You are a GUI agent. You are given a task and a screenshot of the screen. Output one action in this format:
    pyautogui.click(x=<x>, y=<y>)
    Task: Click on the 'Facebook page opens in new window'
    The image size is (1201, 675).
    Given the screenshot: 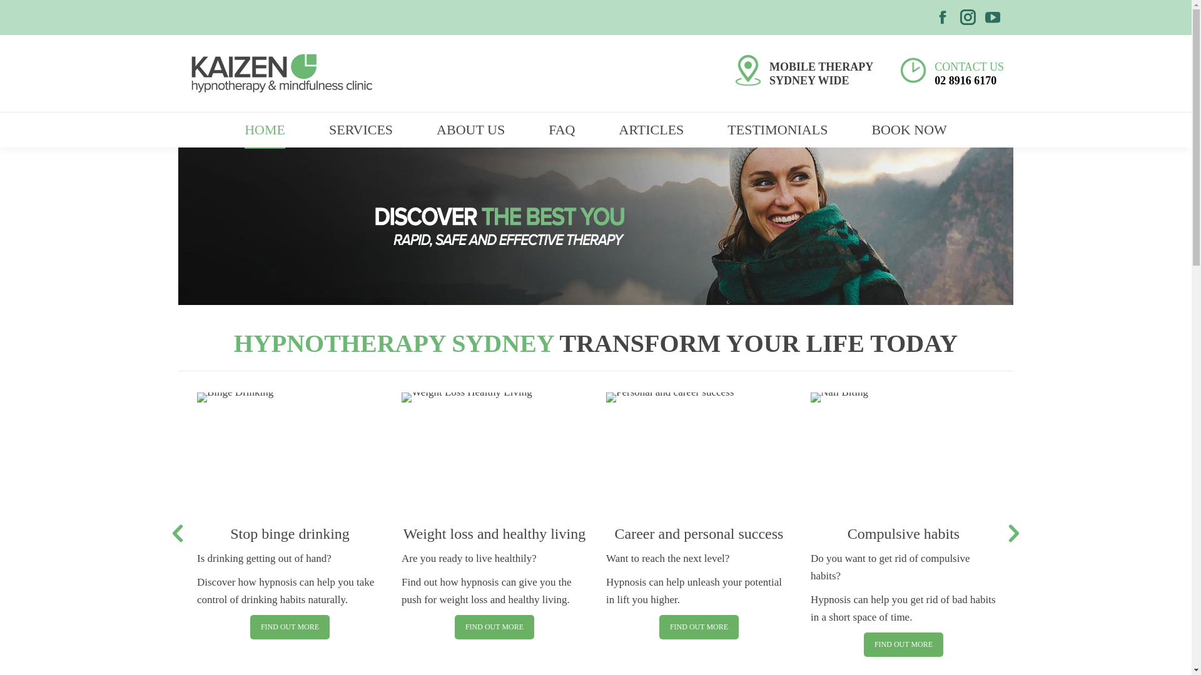 What is the action you would take?
    pyautogui.click(x=943, y=17)
    